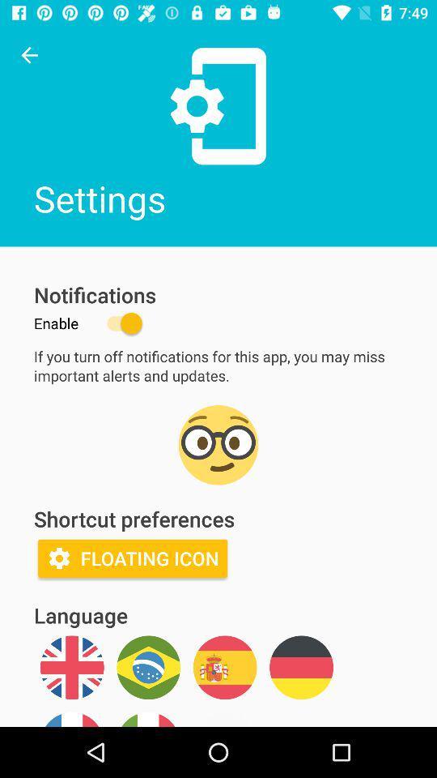 This screenshot has width=437, height=778. Describe the element at coordinates (301, 667) in the screenshot. I see `the national_flag icon` at that location.